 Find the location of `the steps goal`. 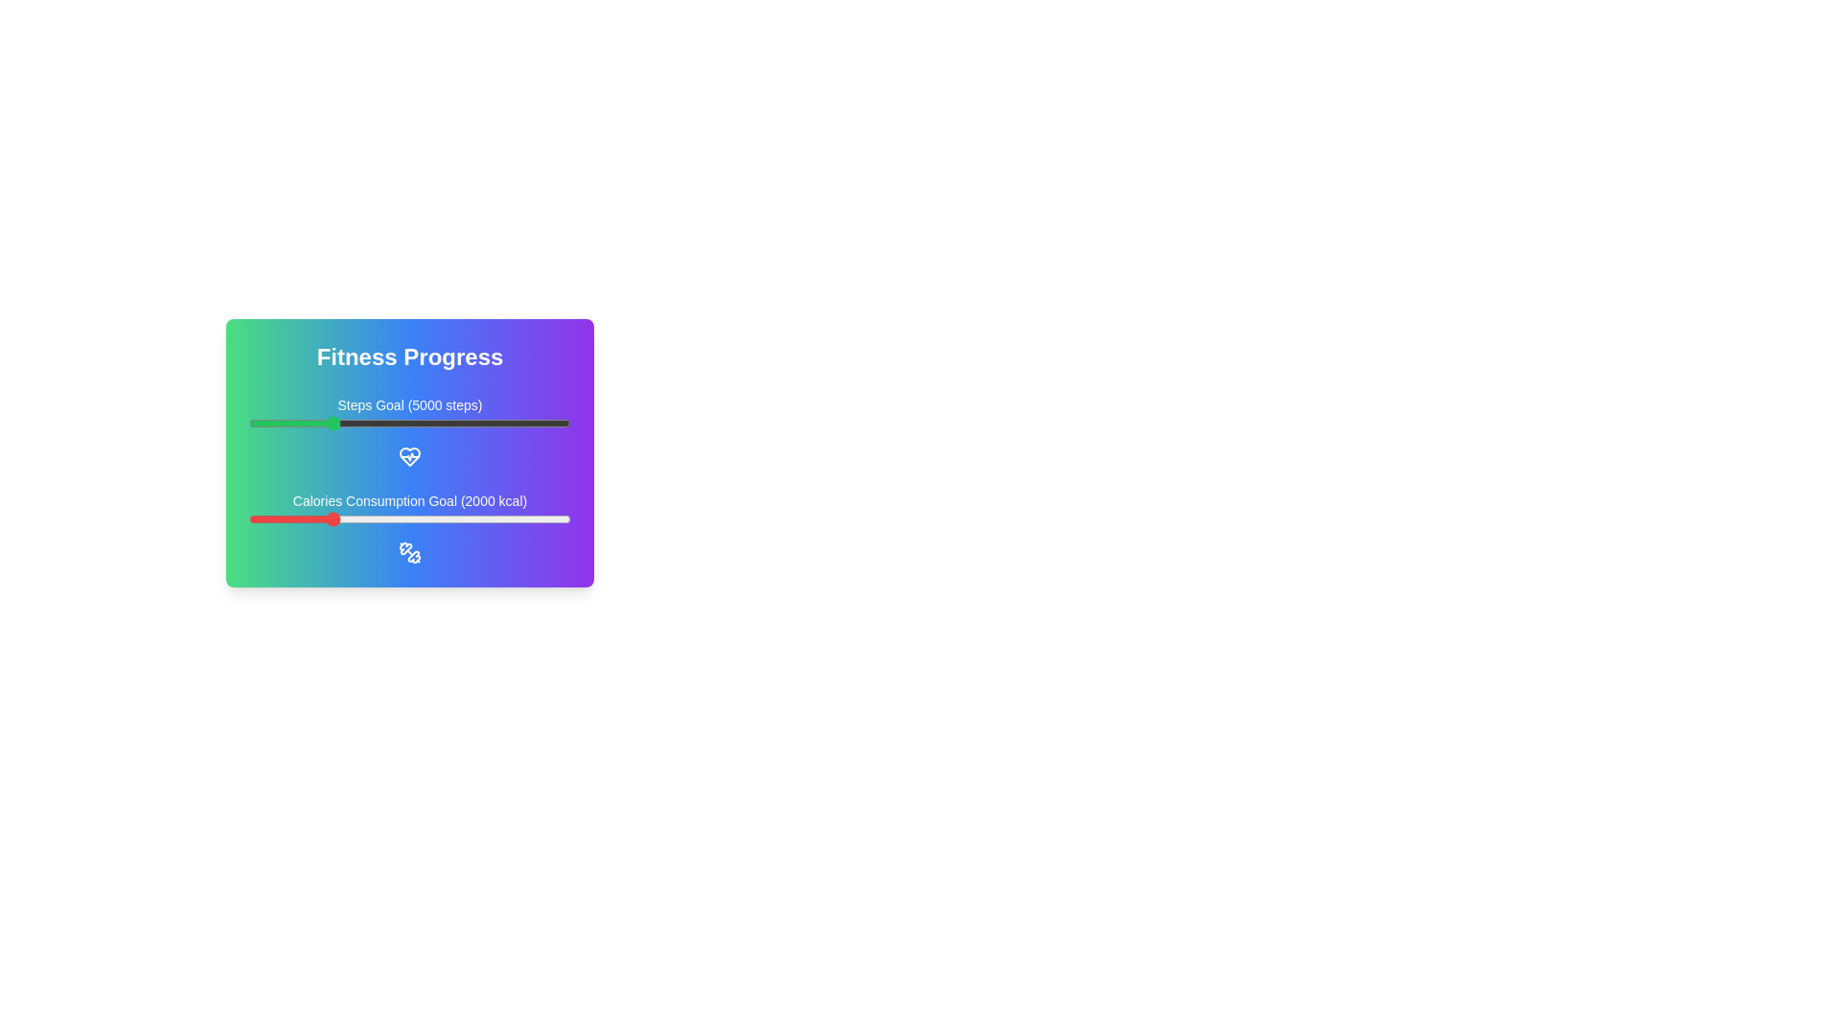

the steps goal is located at coordinates (442, 423).